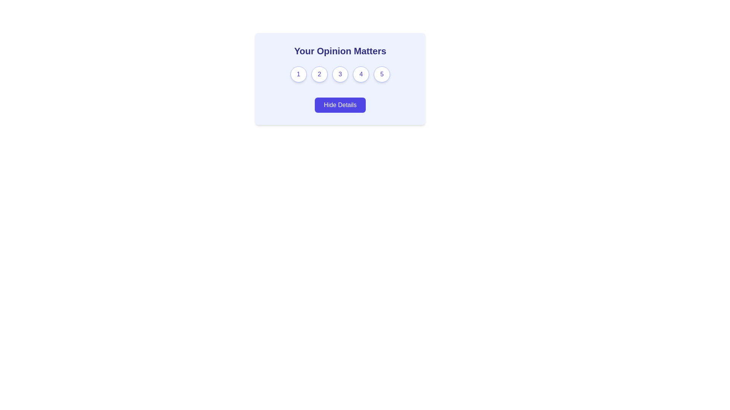 This screenshot has height=410, width=730. I want to click on the interactive rating button labeled '3' located, so click(340, 79).